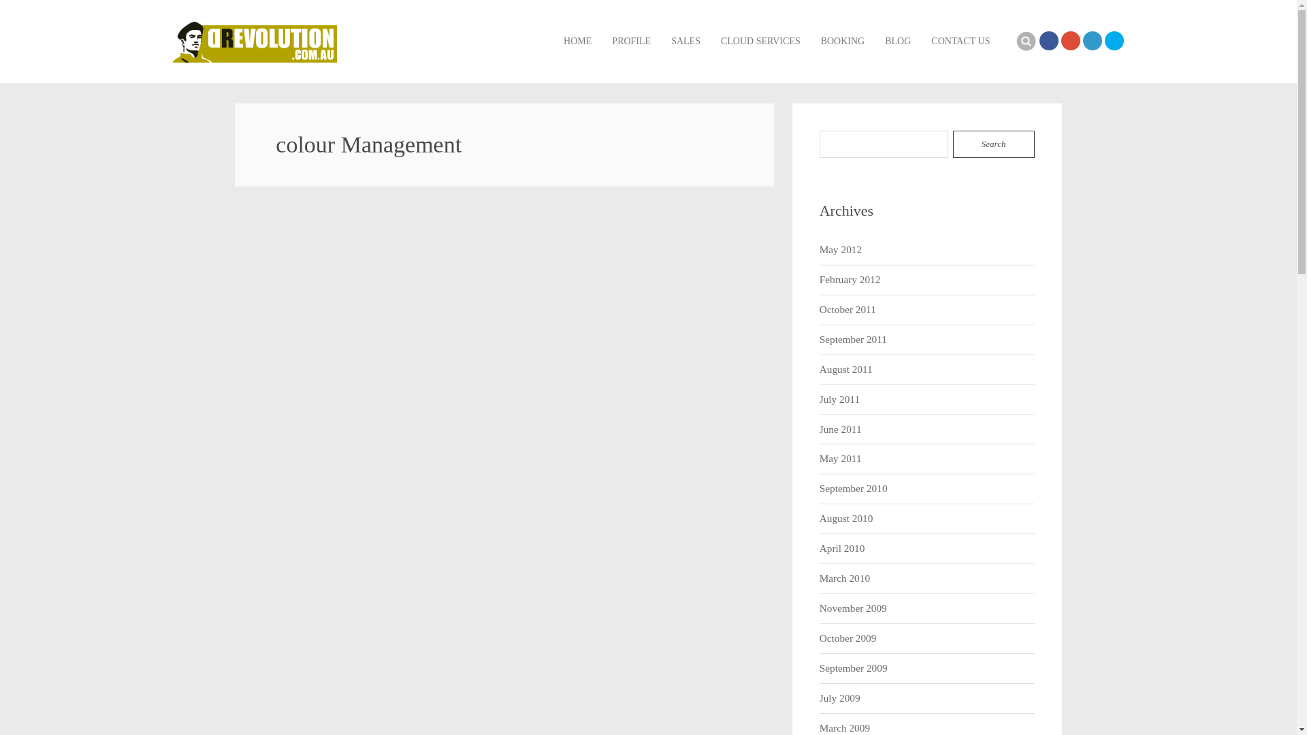  What do you see at coordinates (839, 399) in the screenshot?
I see `'July 2011'` at bounding box center [839, 399].